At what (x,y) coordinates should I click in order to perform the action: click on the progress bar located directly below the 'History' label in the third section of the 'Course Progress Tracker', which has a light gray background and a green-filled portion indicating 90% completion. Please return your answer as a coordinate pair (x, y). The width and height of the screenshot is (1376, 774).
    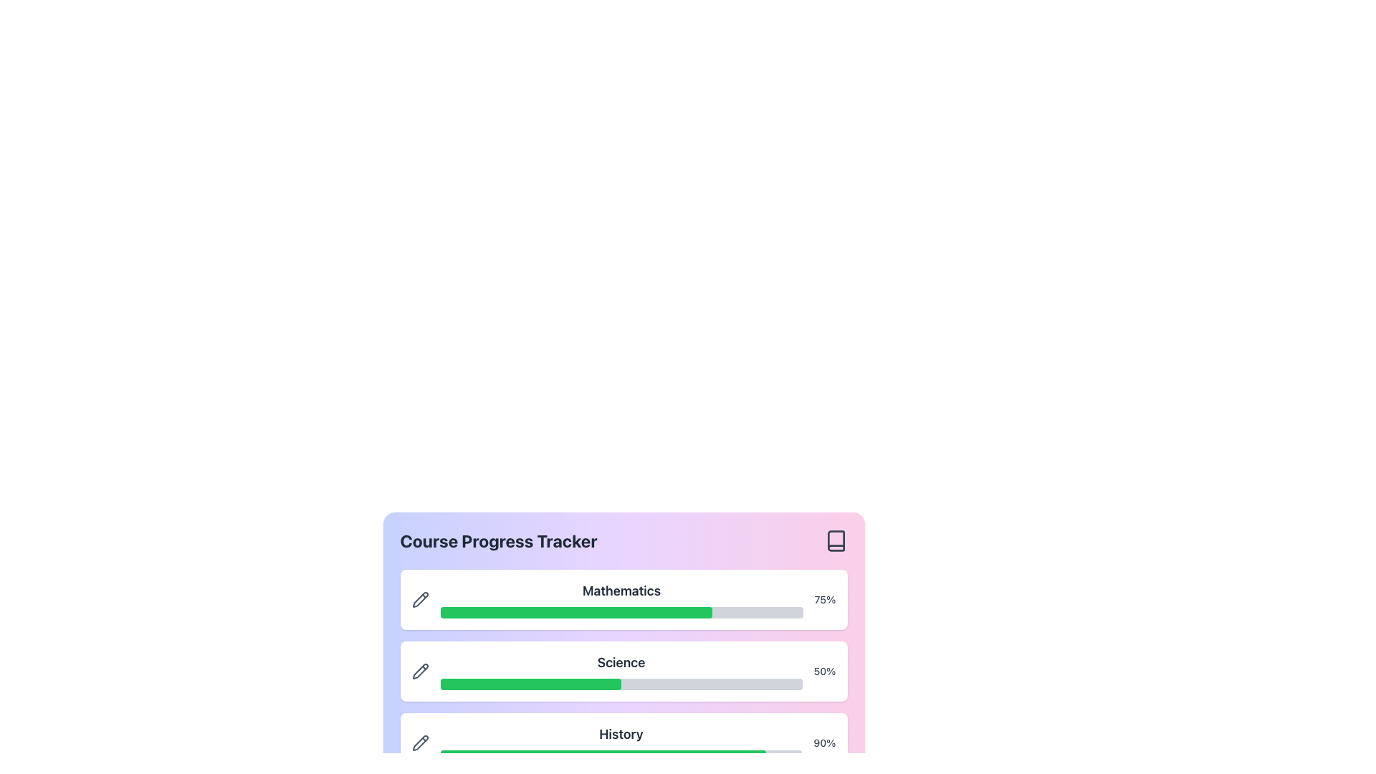
    Looking at the image, I should click on (621, 755).